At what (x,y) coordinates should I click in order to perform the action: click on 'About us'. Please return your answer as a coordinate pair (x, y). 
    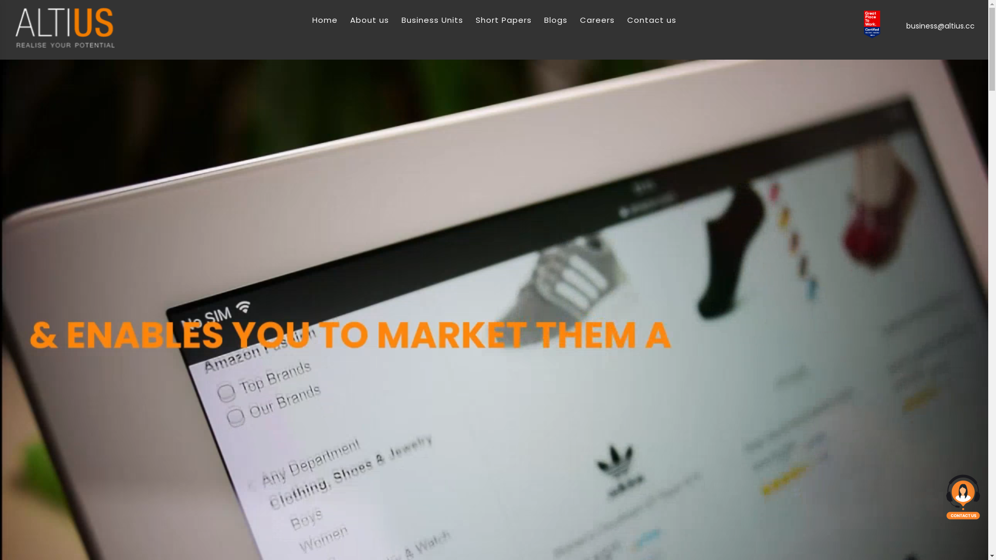
    Looking at the image, I should click on (369, 20).